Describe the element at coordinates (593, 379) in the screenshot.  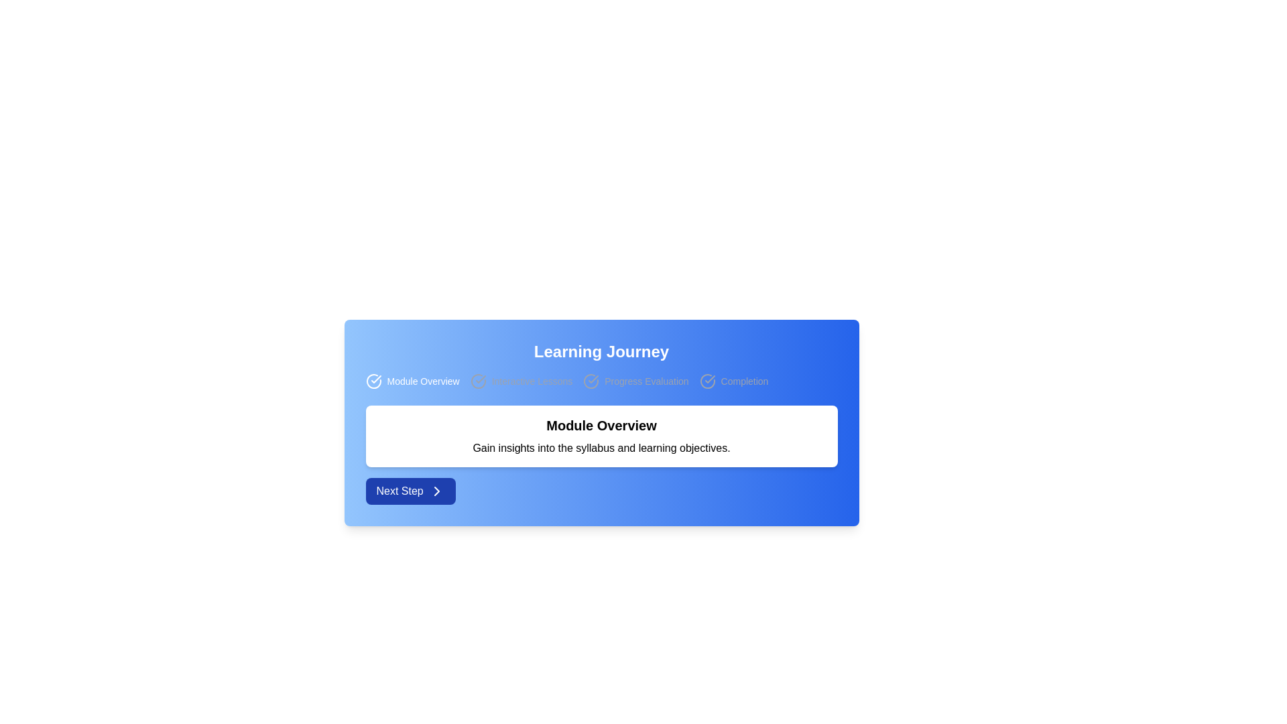
I see `the 'Progress Evaluation' step icon in the Learning Journey progress tracker, which is a circular icon with a checkmark, located between the second and fourth step indicators` at that location.